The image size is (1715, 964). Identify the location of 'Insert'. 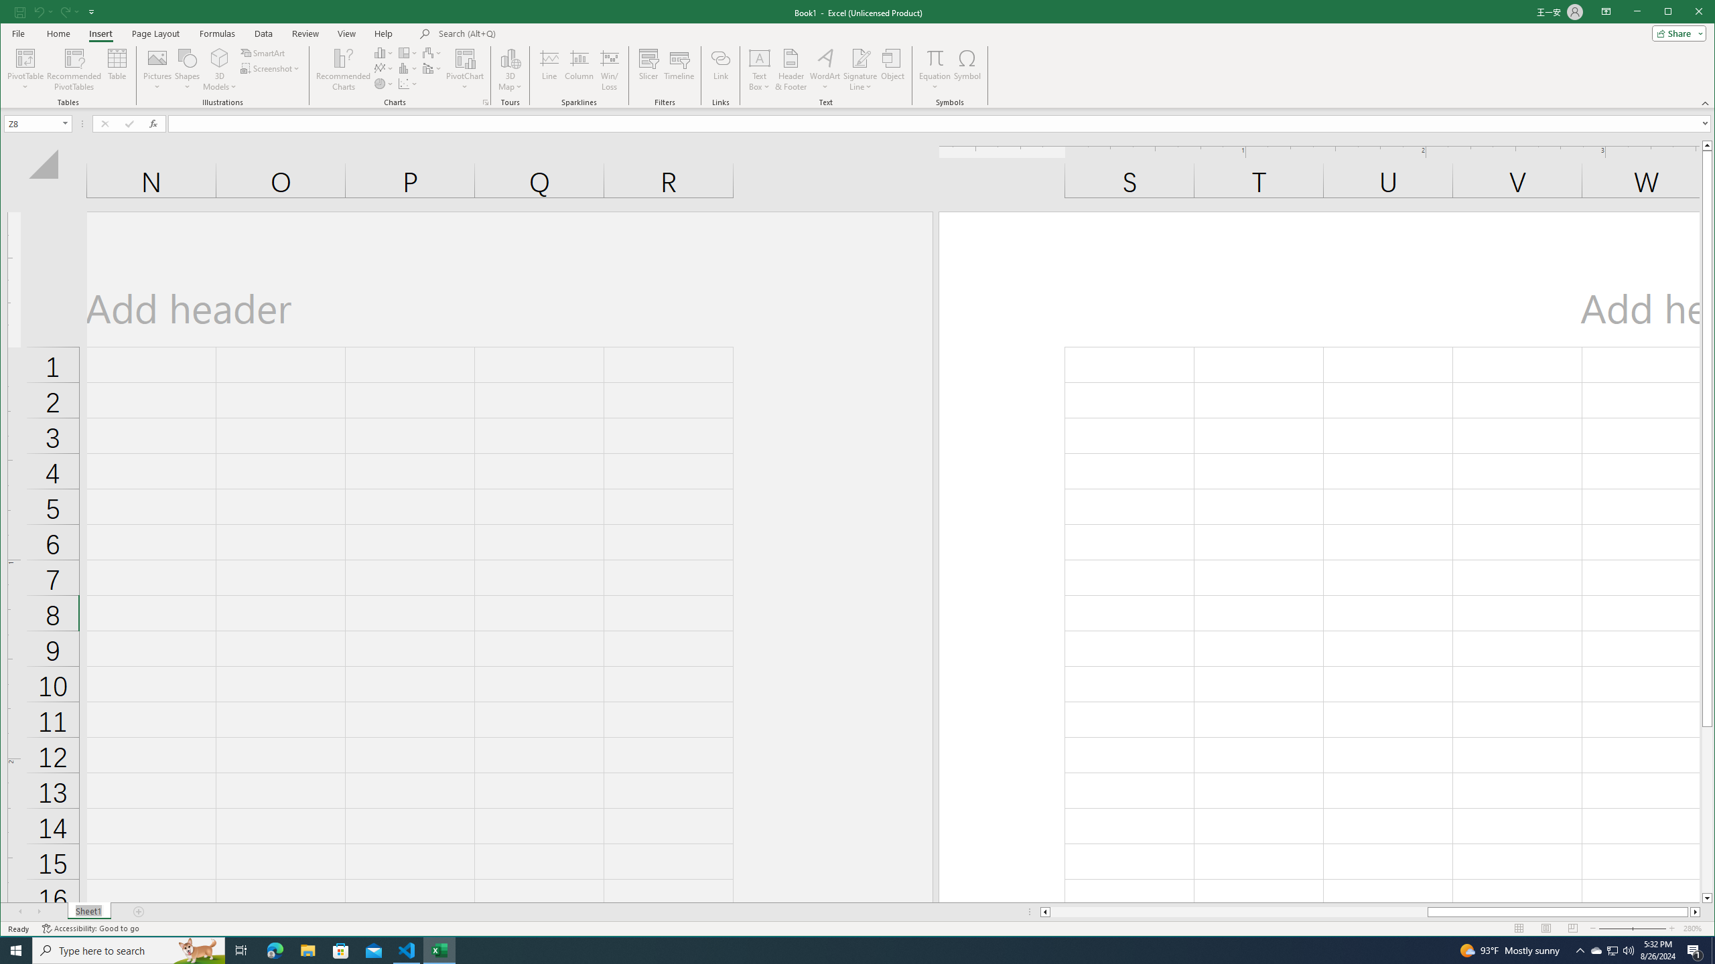
(100, 33).